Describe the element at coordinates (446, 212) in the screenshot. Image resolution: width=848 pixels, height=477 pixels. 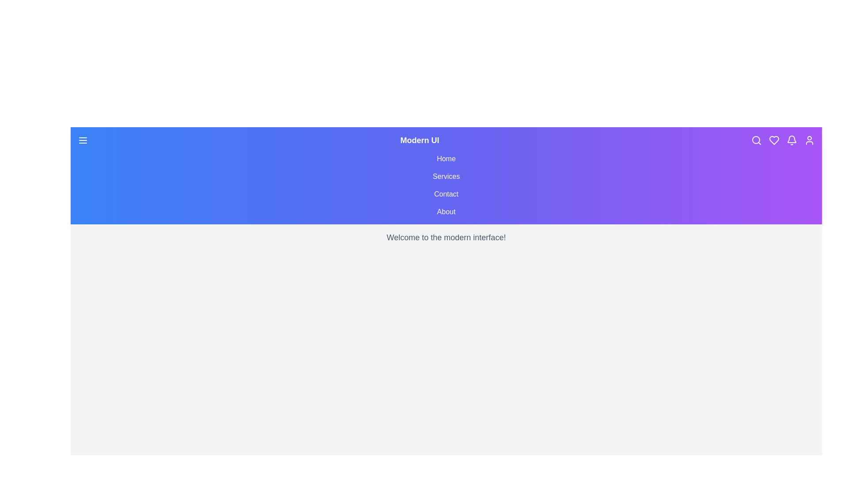
I see `the navigation menu item About` at that location.